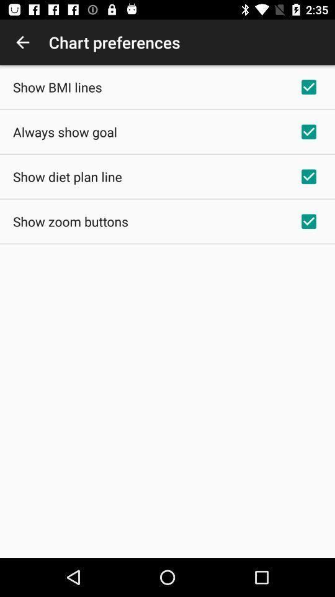  What do you see at coordinates (22, 42) in the screenshot?
I see `the app to the left of chart preferences app` at bounding box center [22, 42].